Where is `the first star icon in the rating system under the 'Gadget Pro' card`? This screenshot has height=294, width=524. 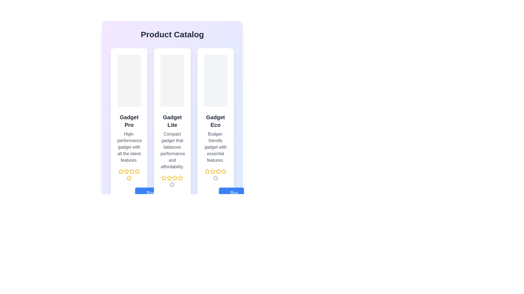
the first star icon in the rating system under the 'Gadget Pro' card is located at coordinates (121, 171).